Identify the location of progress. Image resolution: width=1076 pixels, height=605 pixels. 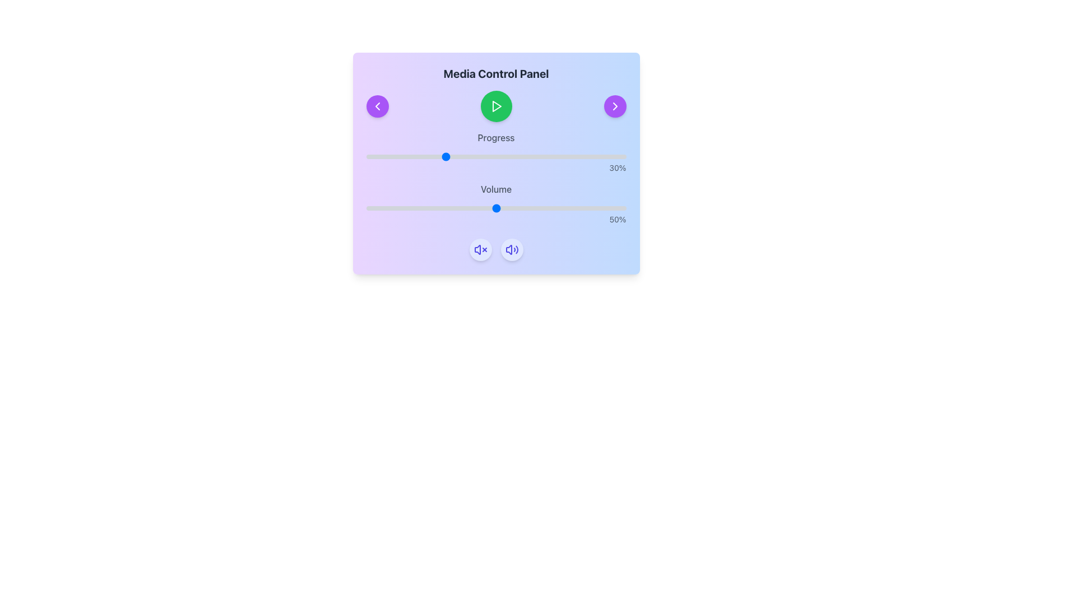
(430, 157).